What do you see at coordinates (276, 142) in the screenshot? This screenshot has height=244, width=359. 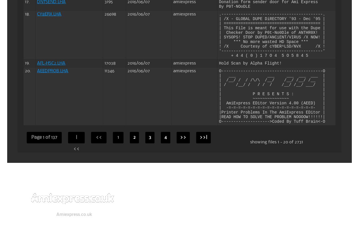 I see `'showing files 1 - 20  of 2731'` at bounding box center [276, 142].